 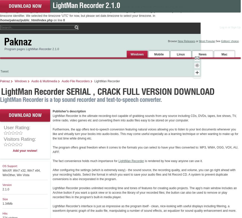 What do you see at coordinates (21, 173) in the screenshot?
I see `'WinXP, Win7 x32, Win7 x64, WinOther, Win Vista'` at bounding box center [21, 173].